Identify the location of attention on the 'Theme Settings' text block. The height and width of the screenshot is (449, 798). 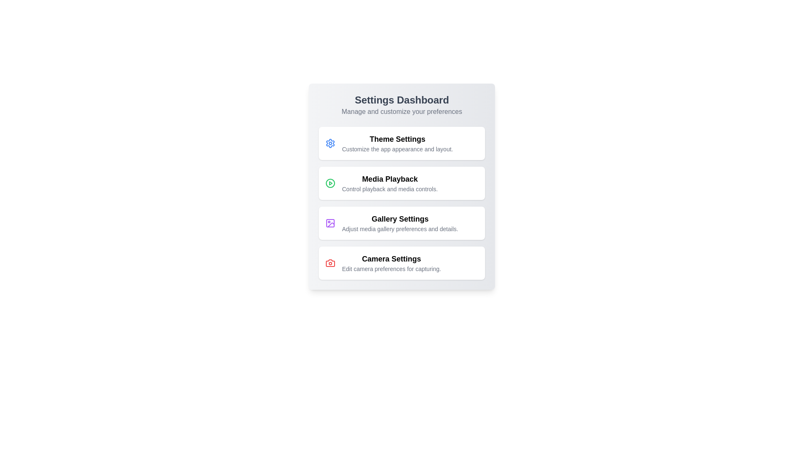
(397, 143).